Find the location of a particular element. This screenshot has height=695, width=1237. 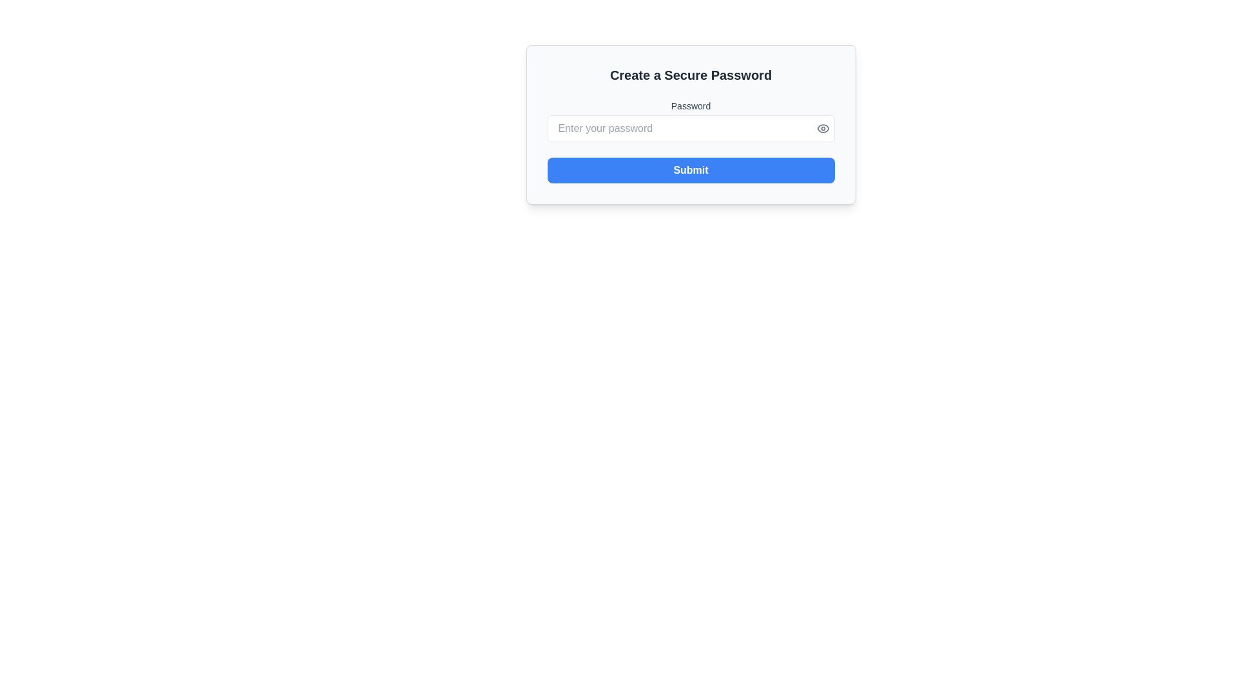

the bold header text reading 'Create a Secure Password', which is styled with a large font size and dark gray color, located at the top of the card layout interface is located at coordinates (690, 75).